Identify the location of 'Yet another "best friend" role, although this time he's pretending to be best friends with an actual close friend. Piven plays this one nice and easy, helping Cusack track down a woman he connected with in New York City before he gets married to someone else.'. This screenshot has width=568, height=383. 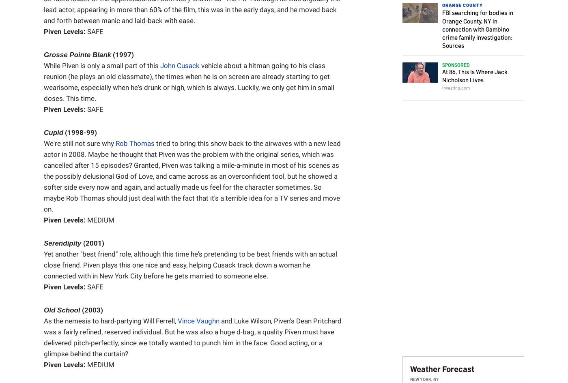
(190, 265).